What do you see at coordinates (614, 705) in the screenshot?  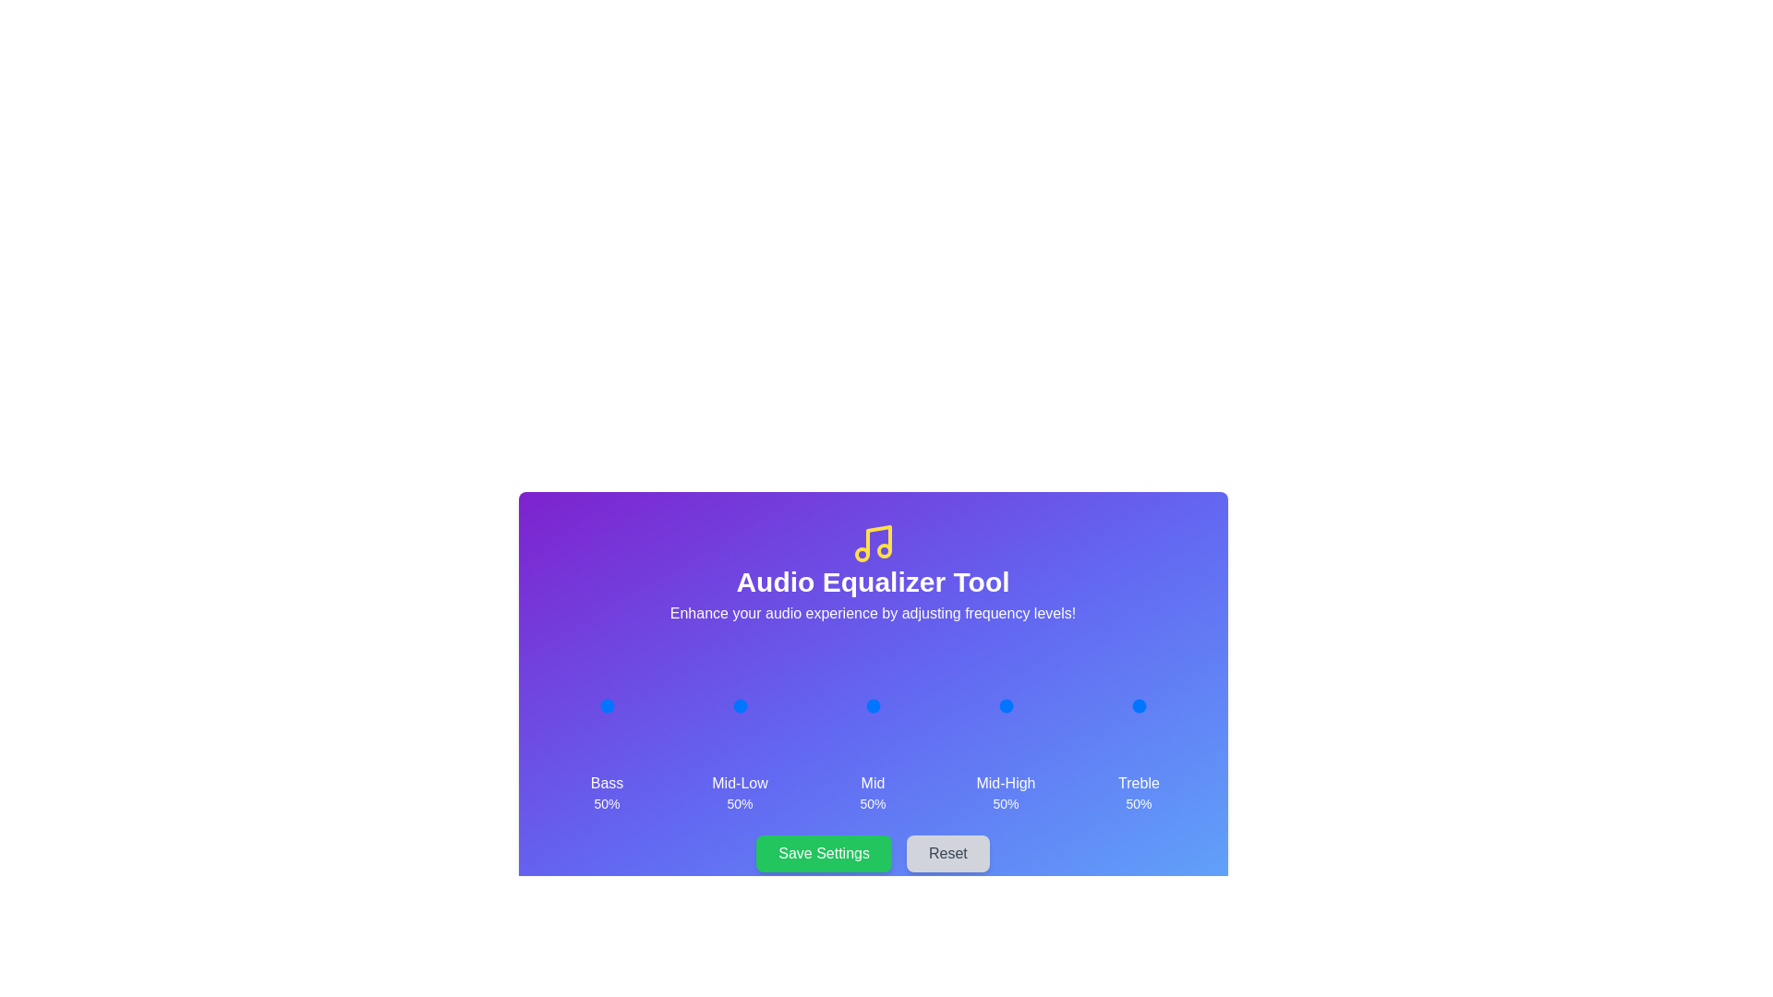 I see `the 0 slider to 62%` at bounding box center [614, 705].